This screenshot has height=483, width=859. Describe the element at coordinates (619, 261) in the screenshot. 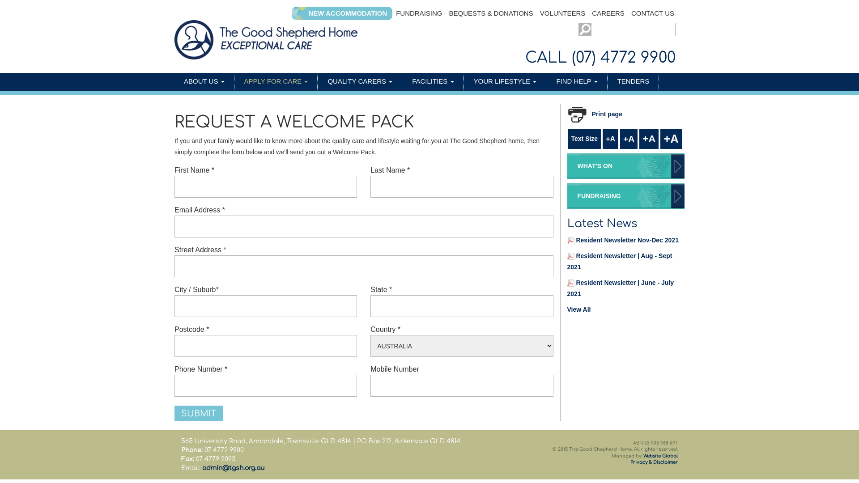

I see `'Resident Newsletter | Aug - Sept 2021'` at that location.